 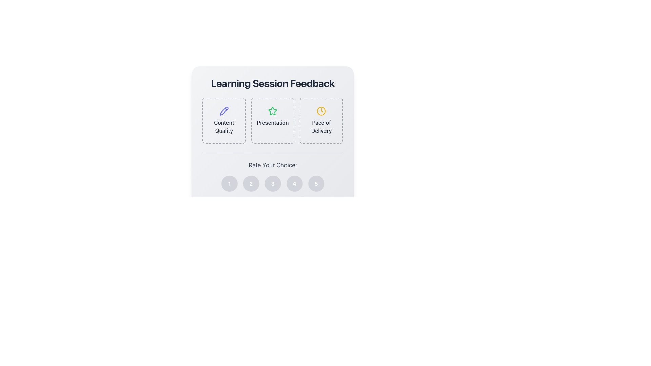 What do you see at coordinates (273, 83) in the screenshot?
I see `prominent title text label that displays 'Learning Session Feedback' at the center-top of the card` at bounding box center [273, 83].